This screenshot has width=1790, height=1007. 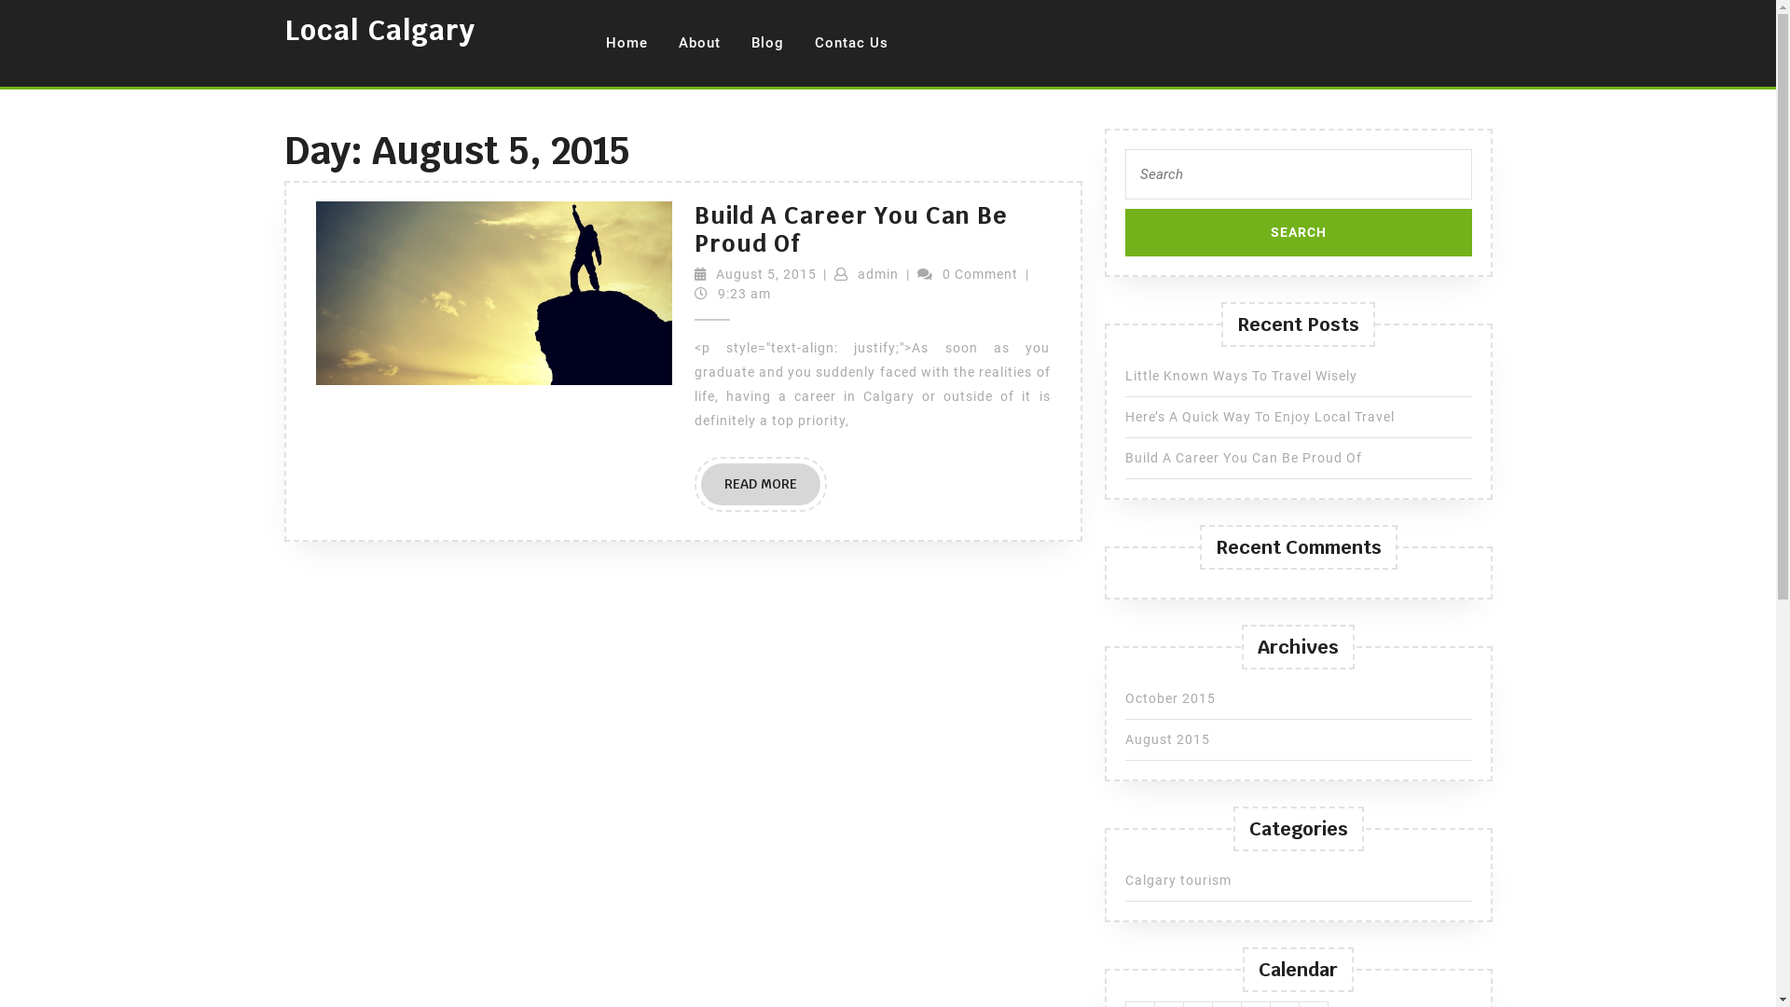 What do you see at coordinates (1122, 697) in the screenshot?
I see `'October 2015'` at bounding box center [1122, 697].